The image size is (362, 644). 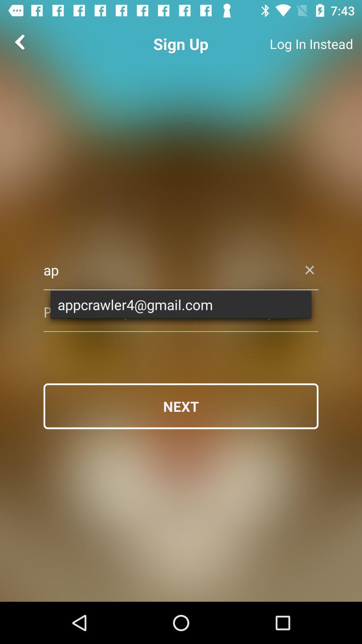 What do you see at coordinates (20, 42) in the screenshot?
I see `the arrow_backward icon` at bounding box center [20, 42].